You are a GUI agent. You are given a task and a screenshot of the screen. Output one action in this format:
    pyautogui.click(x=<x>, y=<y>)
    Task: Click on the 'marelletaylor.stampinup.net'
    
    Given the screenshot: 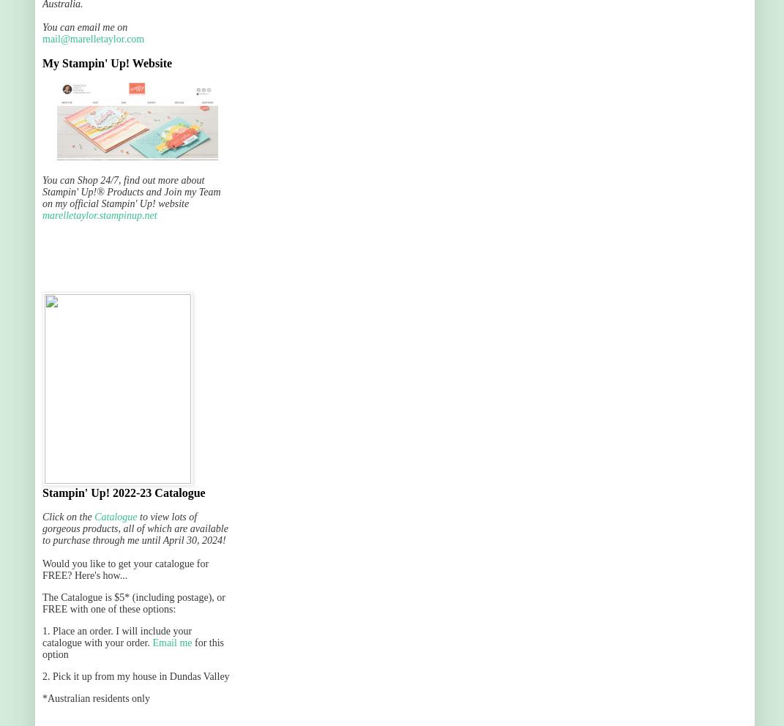 What is the action you would take?
    pyautogui.click(x=100, y=215)
    